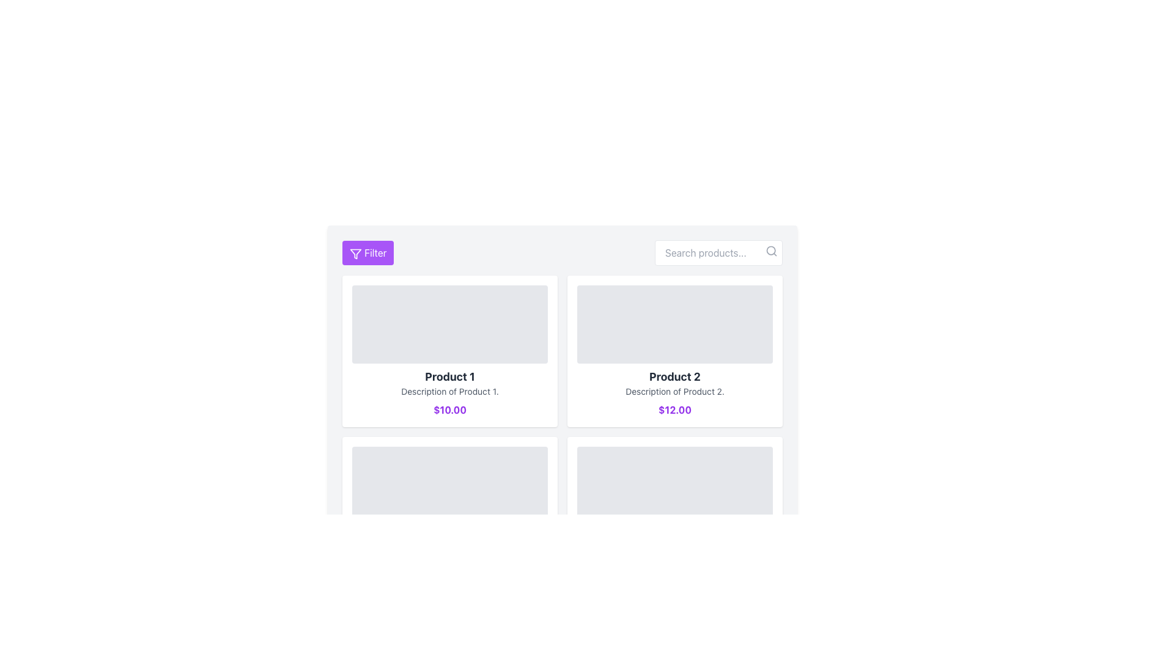 The height and width of the screenshot is (660, 1174). I want to click on the image placeholder located at the top of the product card titled 'Product 1', which serves as a preview area for product images, so click(449, 324).